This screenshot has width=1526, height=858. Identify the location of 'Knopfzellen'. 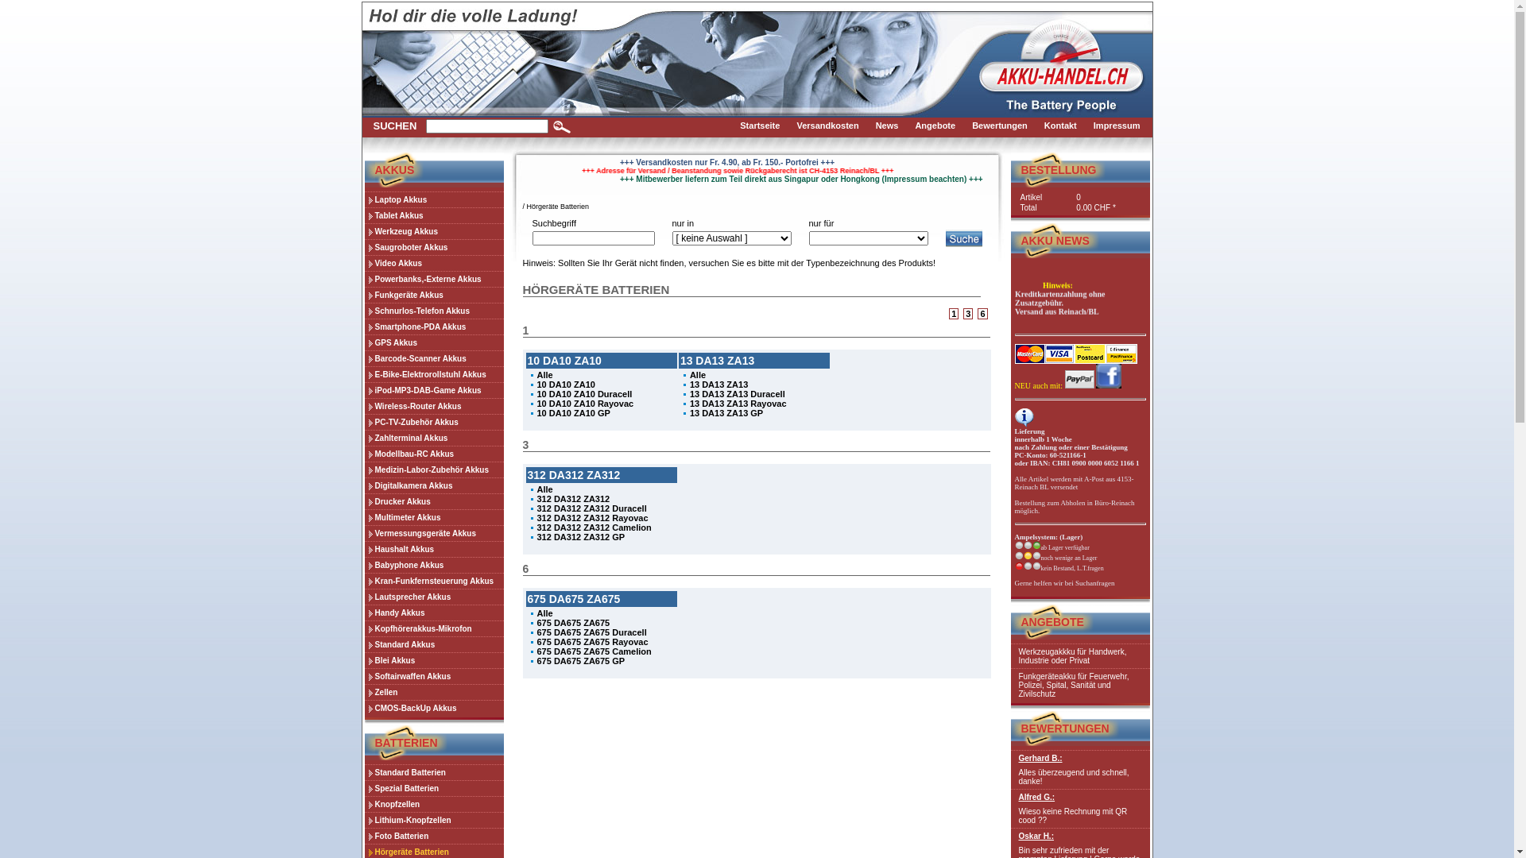
(433, 803).